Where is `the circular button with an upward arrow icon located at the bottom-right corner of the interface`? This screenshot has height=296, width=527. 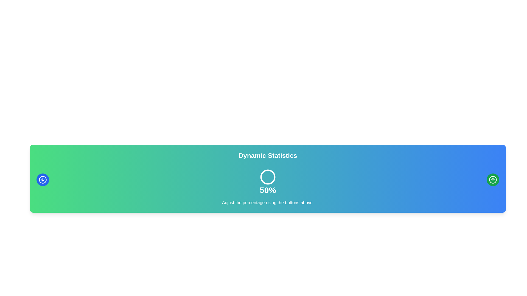
the circular button with an upward arrow icon located at the bottom-right corner of the interface is located at coordinates (493, 180).